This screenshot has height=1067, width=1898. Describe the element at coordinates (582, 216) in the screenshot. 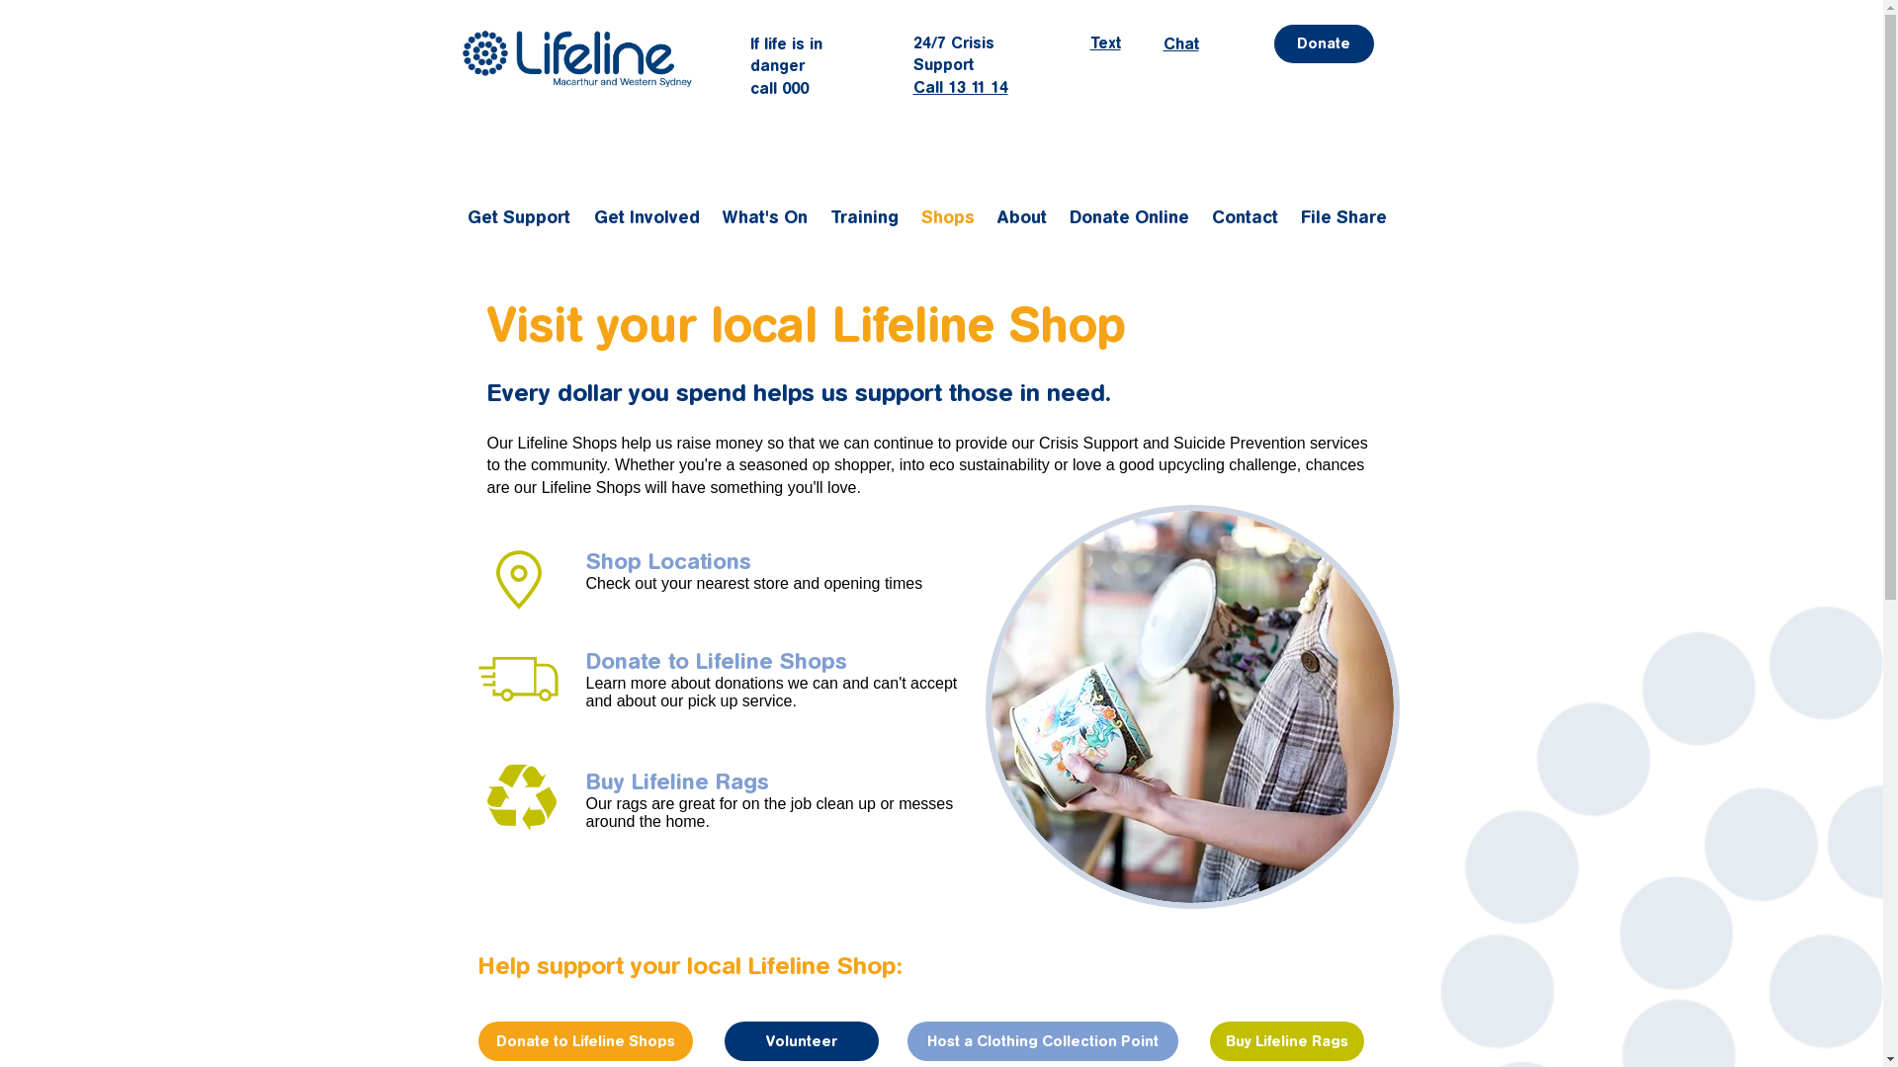

I see `'Get Involved'` at that location.